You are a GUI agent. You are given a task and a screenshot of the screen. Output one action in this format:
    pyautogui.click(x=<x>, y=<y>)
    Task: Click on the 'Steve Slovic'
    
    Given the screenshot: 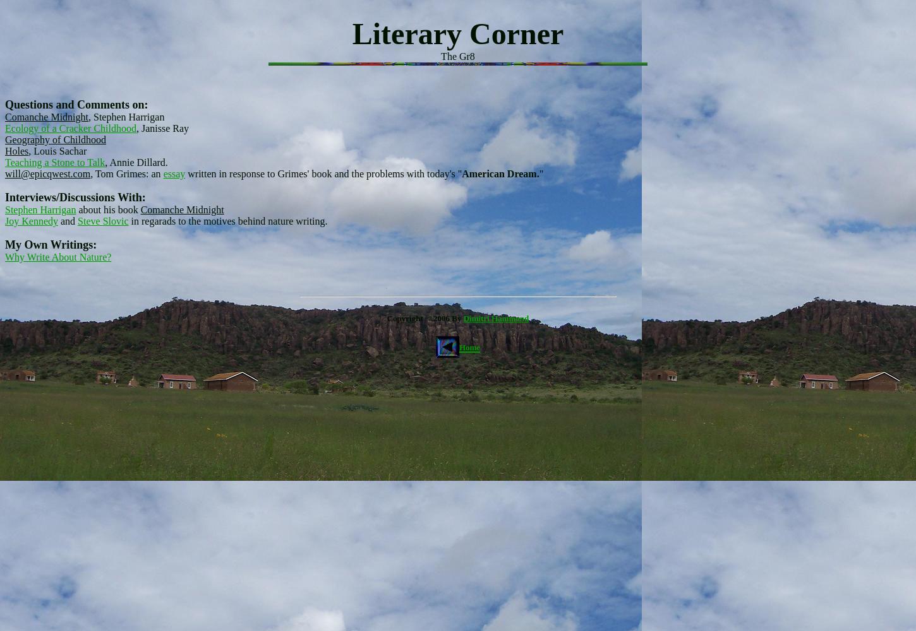 What is the action you would take?
    pyautogui.click(x=102, y=220)
    